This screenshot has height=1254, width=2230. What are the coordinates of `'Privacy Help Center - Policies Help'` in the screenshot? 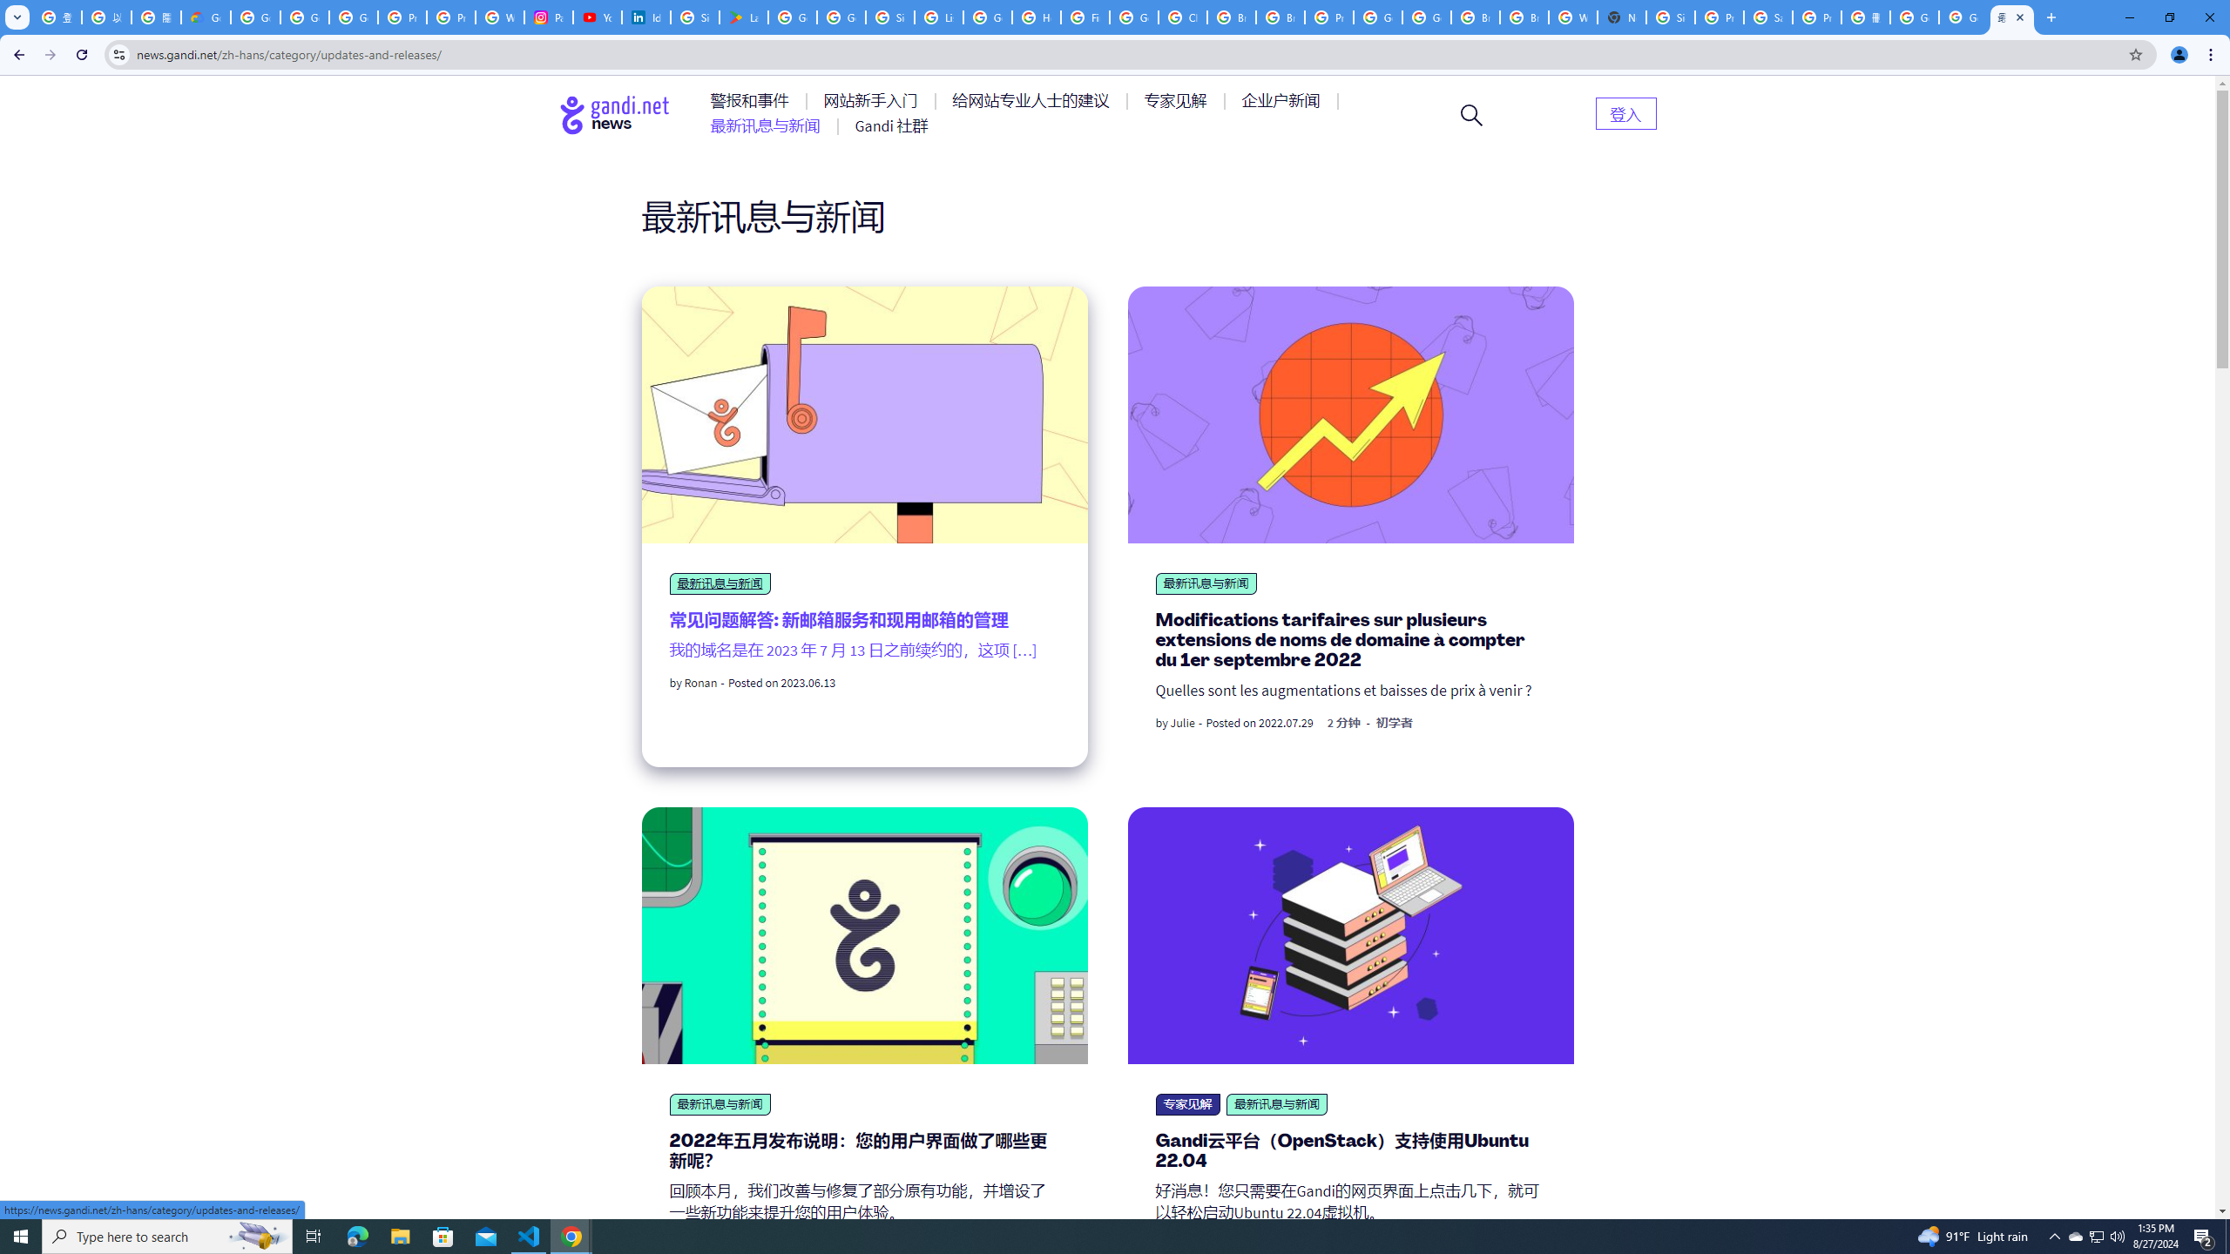 It's located at (402, 17).